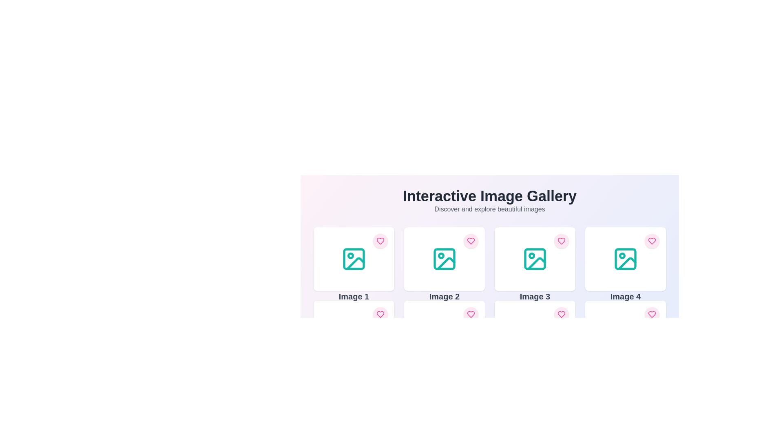 Image resolution: width=783 pixels, height=440 pixels. I want to click on the heart-shaped icon button located above the 'Image 3' label to mark the image as favorite, so click(561, 314).